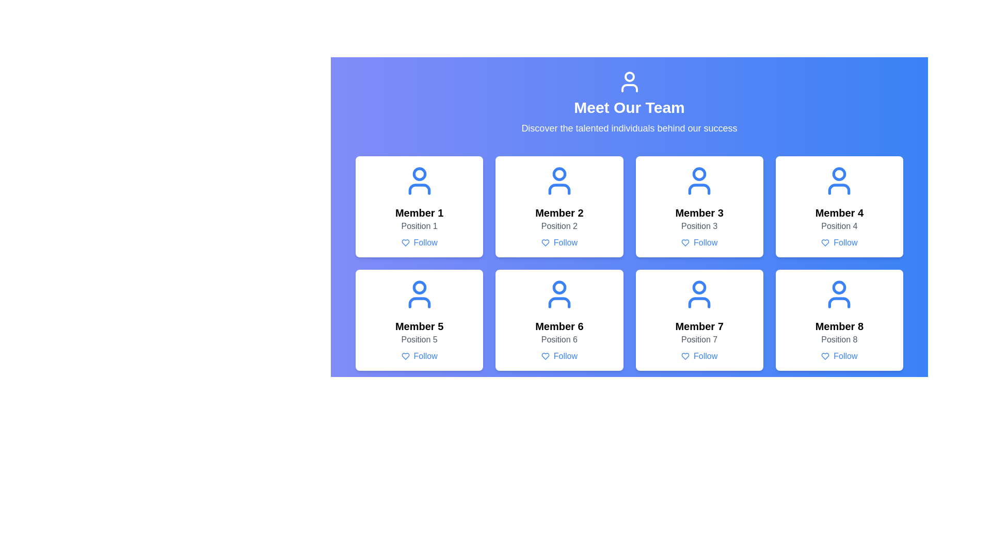  What do you see at coordinates (558, 226) in the screenshot?
I see `the static text label displaying 'Position 2' which is located within the card labeled 'Member 2' in the team member grid, positioned above the 'Follow' button` at bounding box center [558, 226].